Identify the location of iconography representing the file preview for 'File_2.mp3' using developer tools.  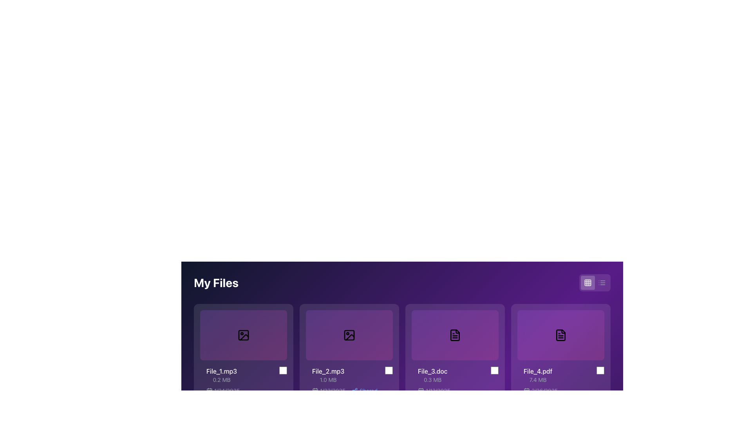
(349, 336).